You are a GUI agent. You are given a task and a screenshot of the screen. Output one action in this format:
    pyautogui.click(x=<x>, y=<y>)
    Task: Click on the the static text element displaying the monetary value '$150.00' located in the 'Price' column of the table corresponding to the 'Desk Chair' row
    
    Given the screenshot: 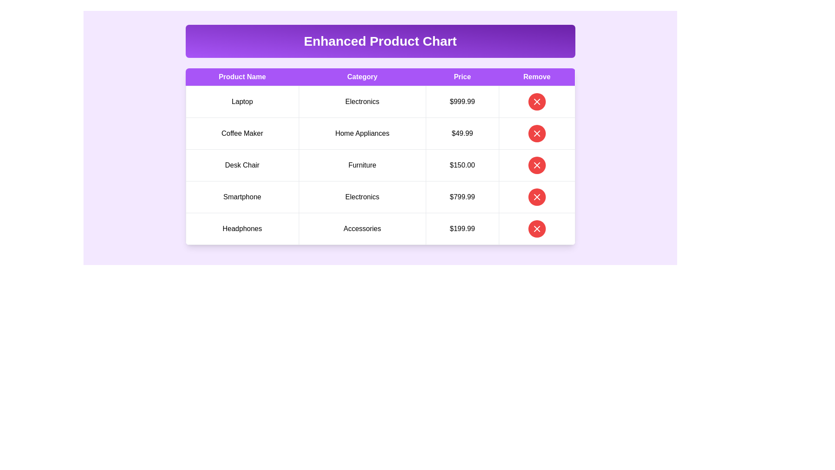 What is the action you would take?
    pyautogui.click(x=462, y=165)
    